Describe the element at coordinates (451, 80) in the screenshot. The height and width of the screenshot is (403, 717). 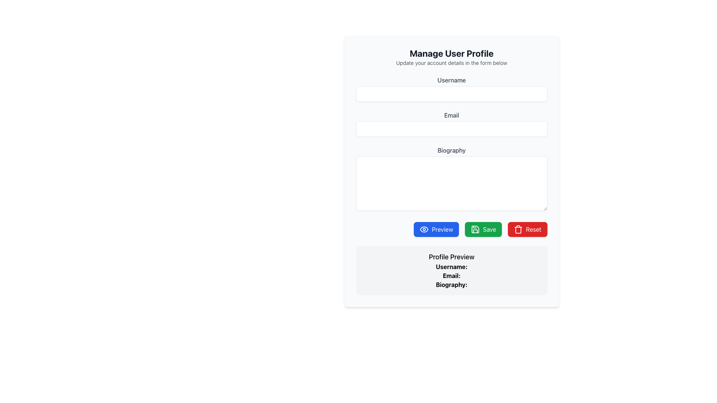
I see `the label that identifies the username input field, positioned at the top center of the form above the text input box` at that location.